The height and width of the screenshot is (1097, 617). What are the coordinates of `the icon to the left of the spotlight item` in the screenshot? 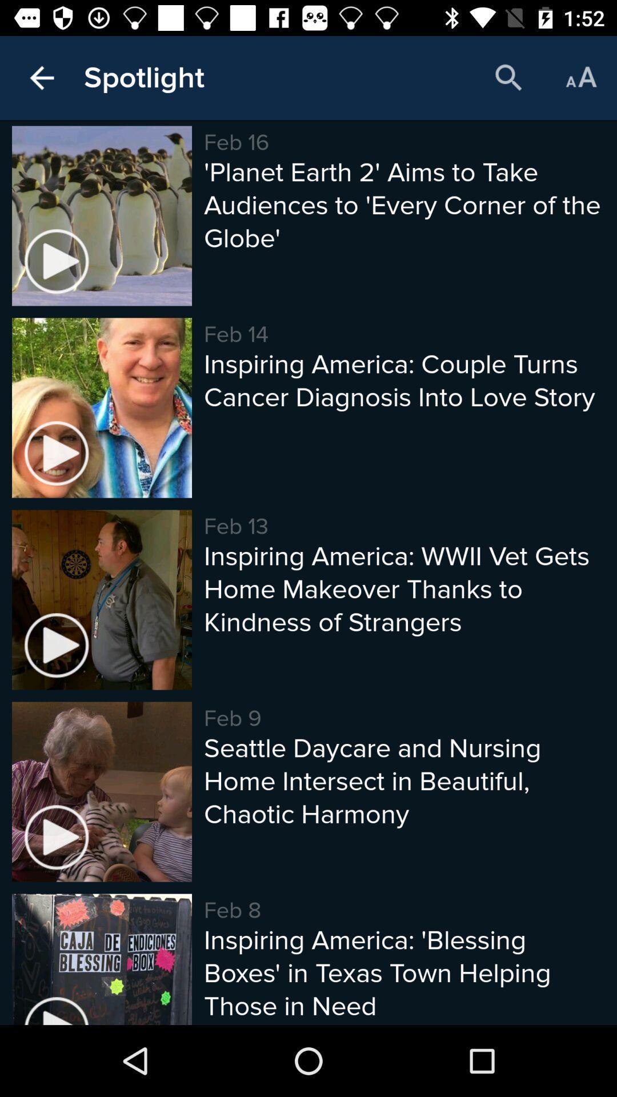 It's located at (41, 77).